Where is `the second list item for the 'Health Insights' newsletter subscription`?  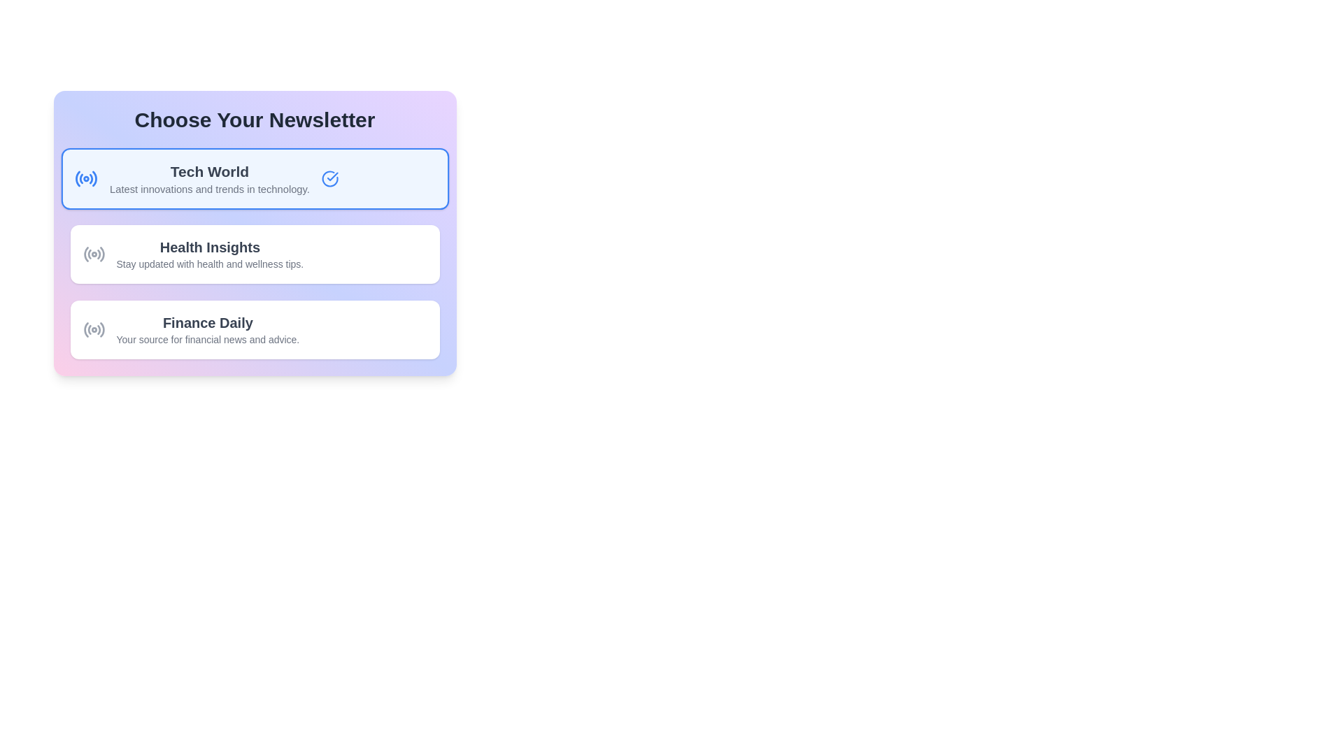 the second list item for the 'Health Insights' newsletter subscription is located at coordinates (255, 254).